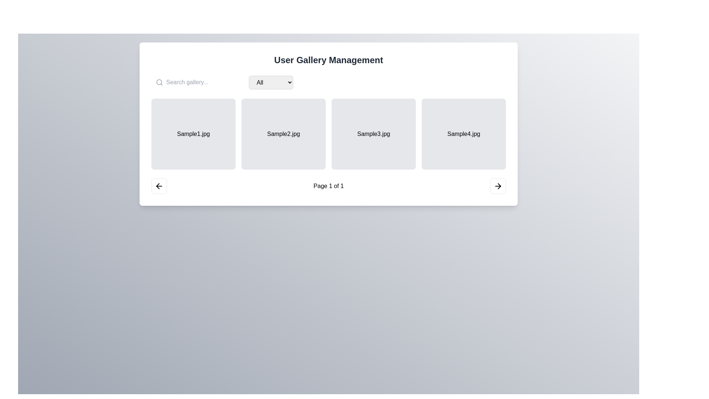  What do you see at coordinates (159, 186) in the screenshot?
I see `the left-arrow icon with a bold outline located in the bottom-left corner of the gallery pagination interface for additional interaction effects` at bounding box center [159, 186].